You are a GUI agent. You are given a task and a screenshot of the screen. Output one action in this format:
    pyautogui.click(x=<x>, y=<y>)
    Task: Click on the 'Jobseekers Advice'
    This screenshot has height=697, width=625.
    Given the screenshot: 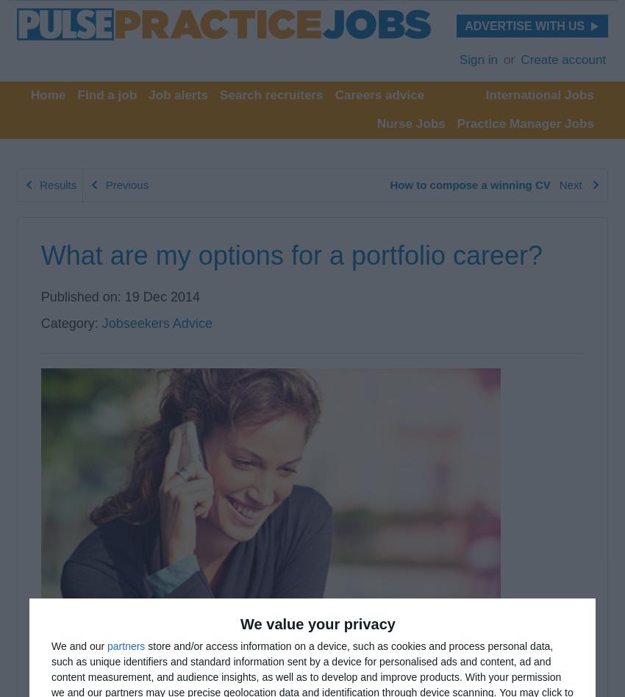 What is the action you would take?
    pyautogui.click(x=156, y=322)
    